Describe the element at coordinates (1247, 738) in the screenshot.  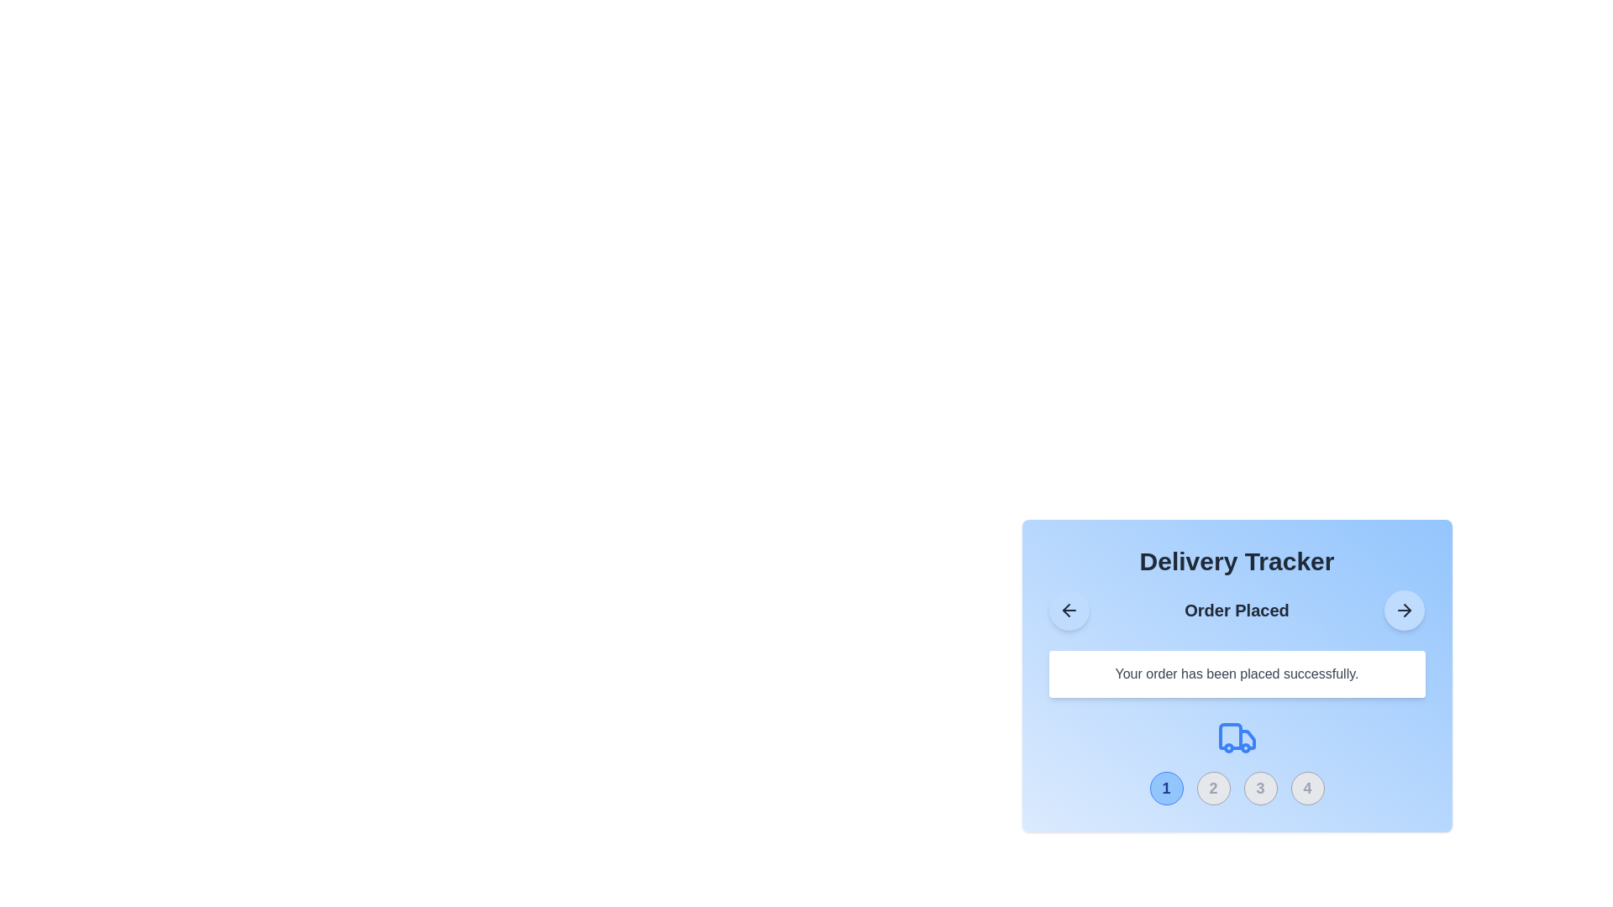
I see `the decorative vector graphic within the stylized truck icon, which is positioned between the first and second step indicators of the delivery progress tracker` at that location.